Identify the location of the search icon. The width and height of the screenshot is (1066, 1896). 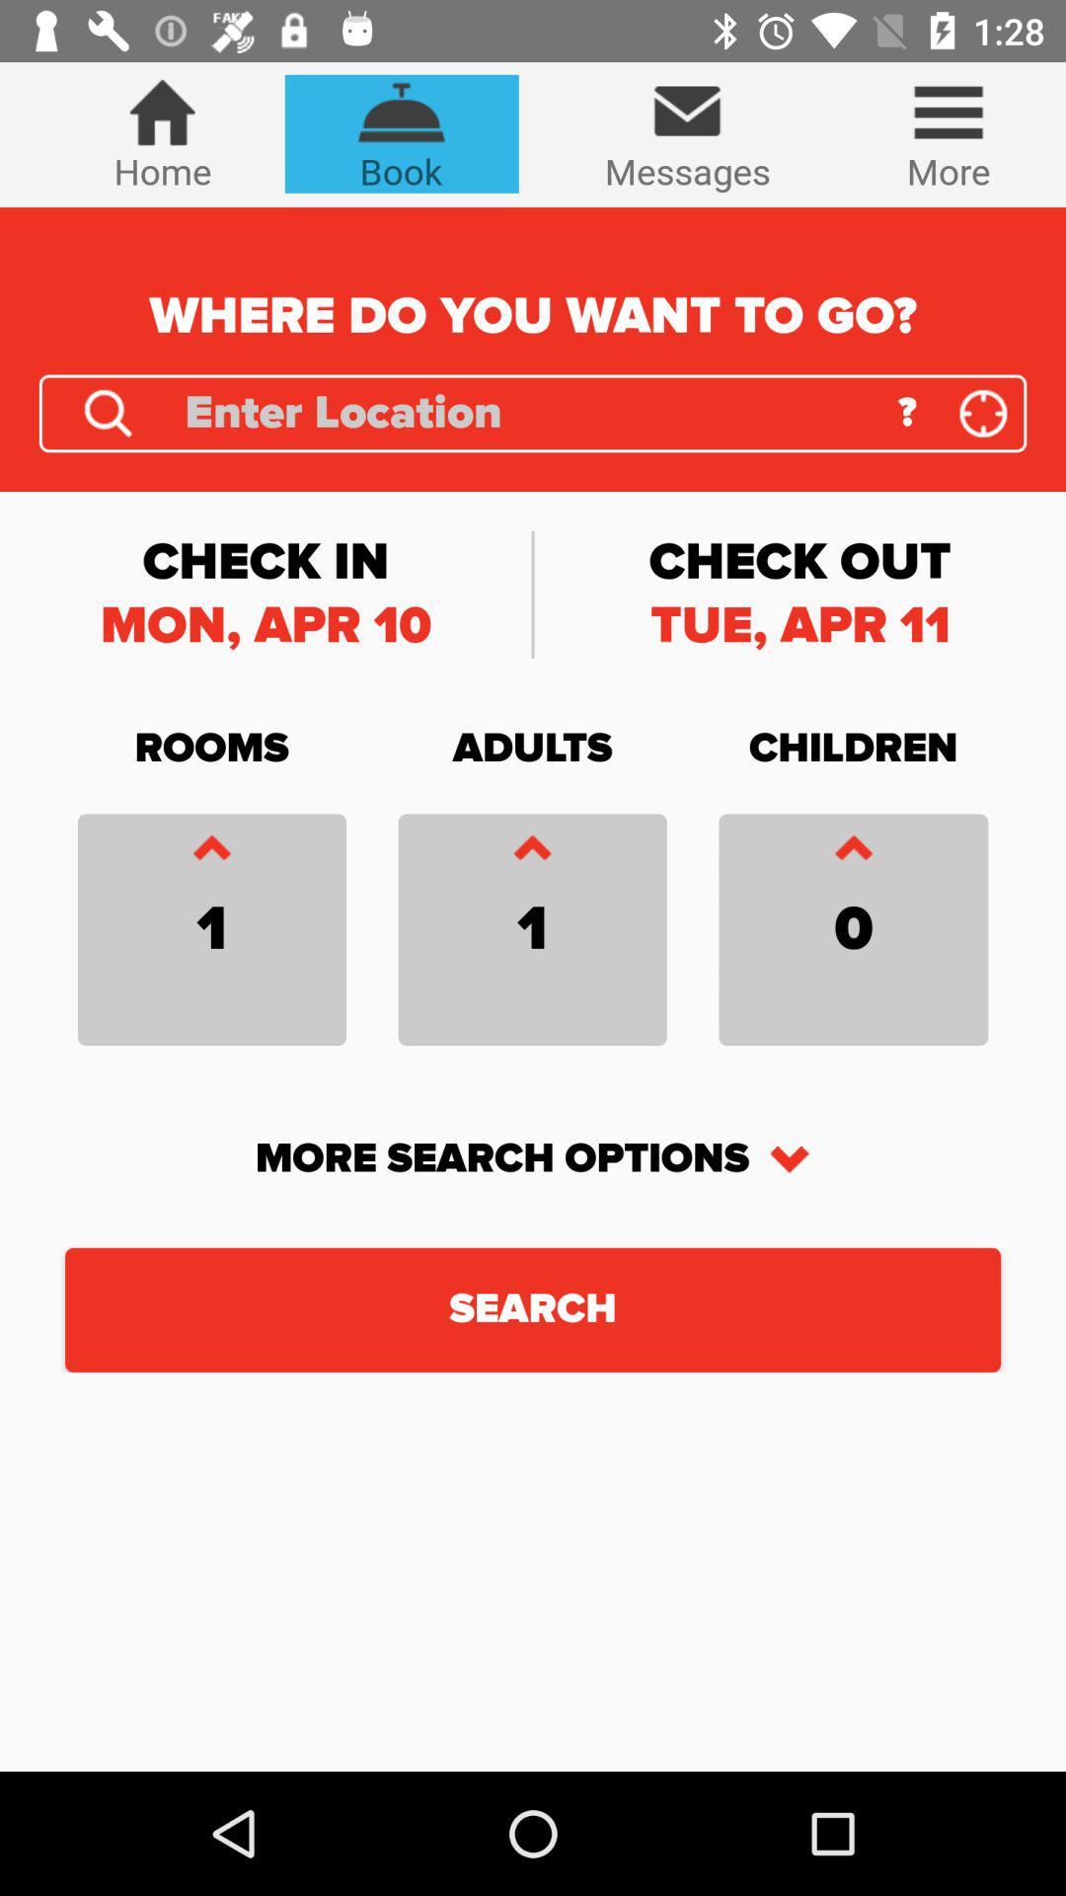
(108, 412).